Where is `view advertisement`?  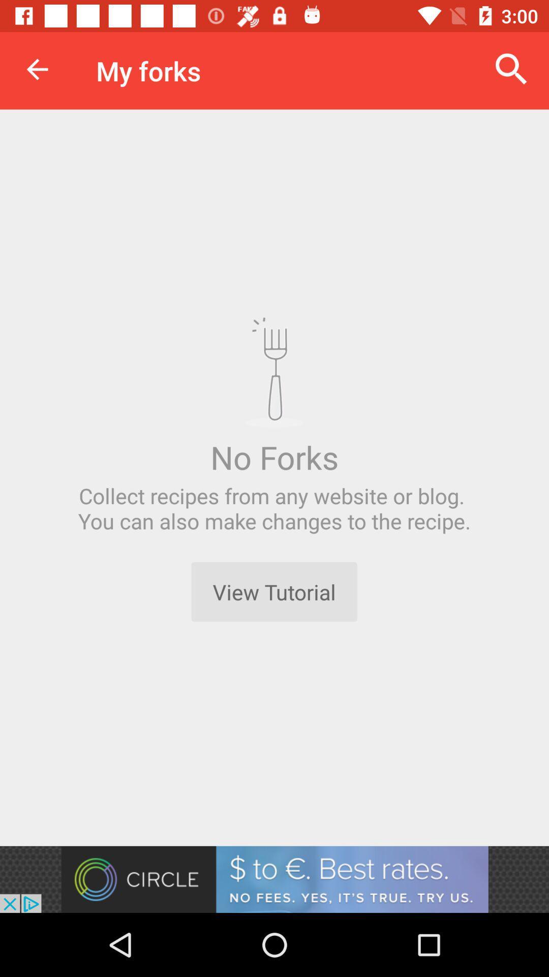
view advertisement is located at coordinates (274, 879).